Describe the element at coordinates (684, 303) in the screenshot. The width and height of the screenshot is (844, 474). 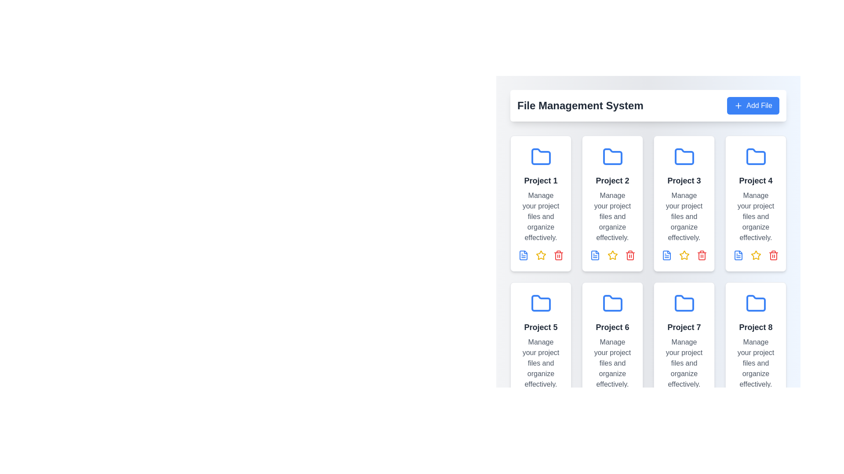
I see `the folder icon representing Project 7` at that location.